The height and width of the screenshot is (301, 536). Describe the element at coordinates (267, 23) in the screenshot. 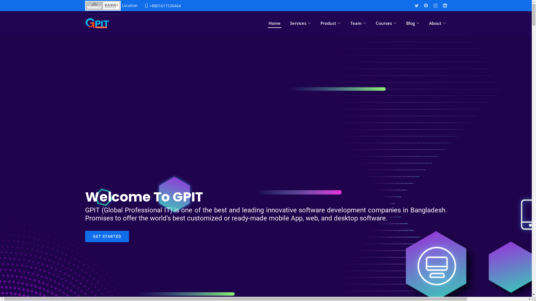

I see `'Home'` at that location.